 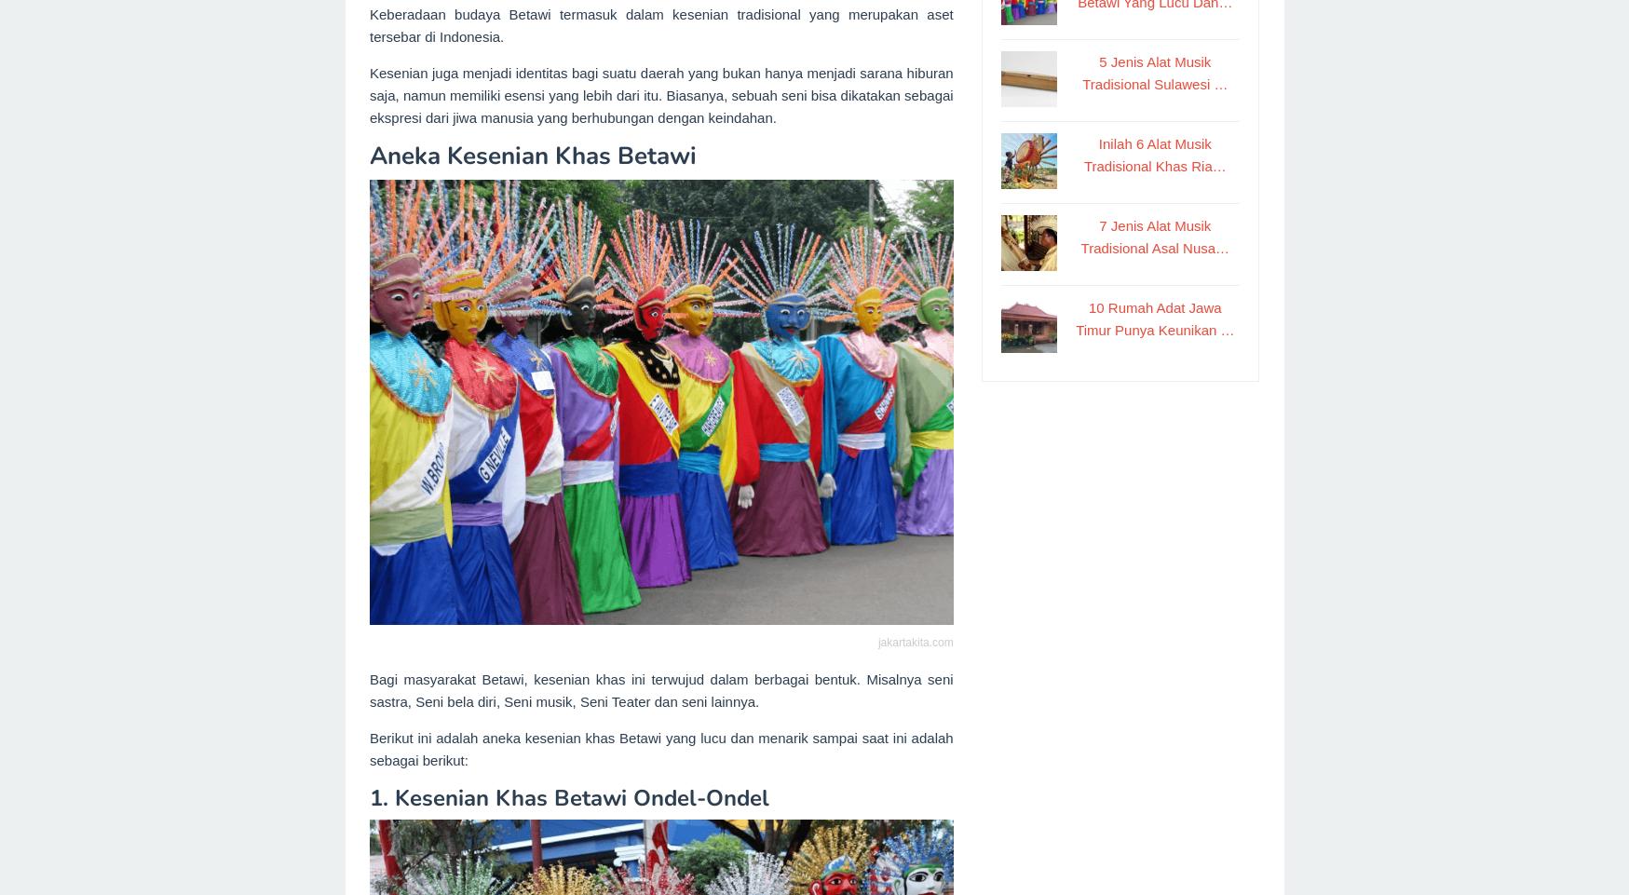 I want to click on 'Inilah 6 Alat Musik Tradisional Khas Ria…', so click(x=1153, y=154).